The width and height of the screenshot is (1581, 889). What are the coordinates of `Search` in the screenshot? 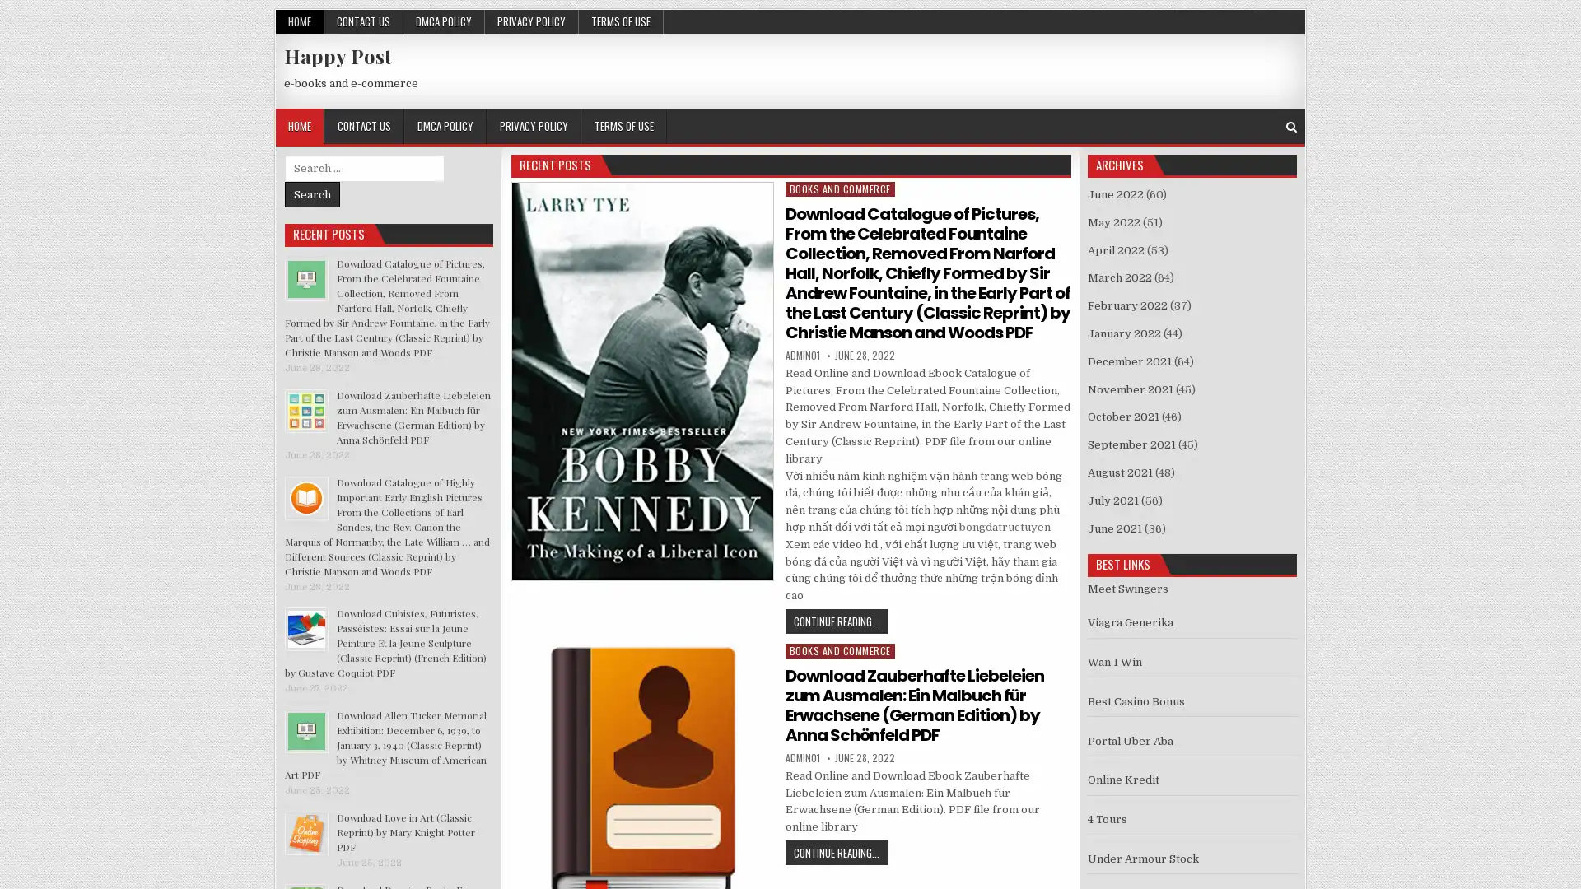 It's located at (311, 193).